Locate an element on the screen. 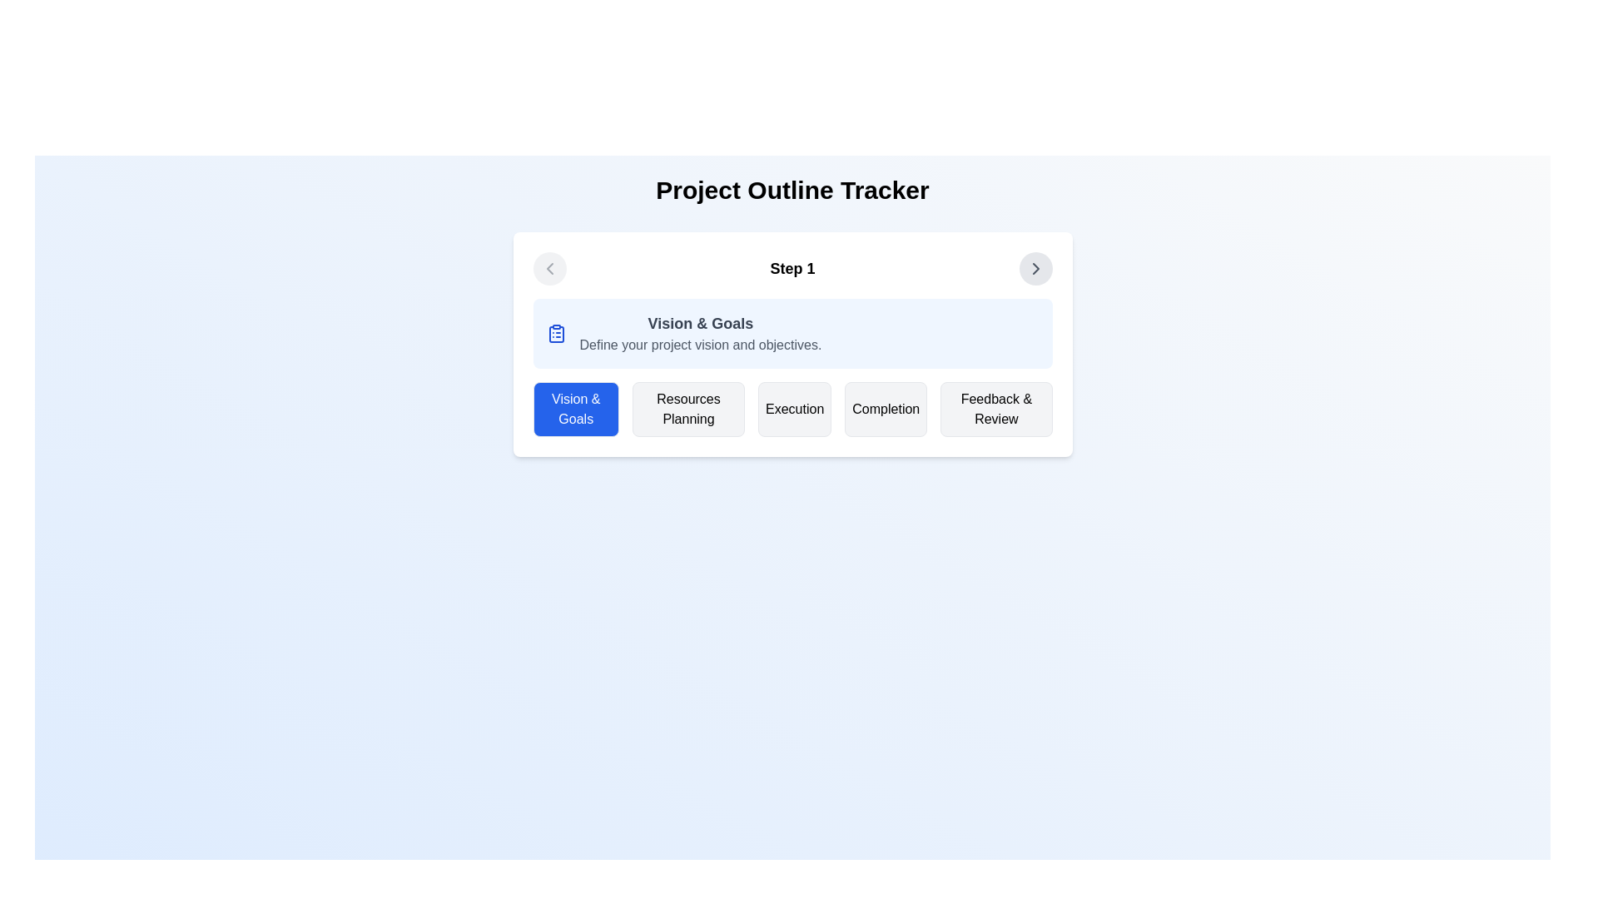  the text block displaying 'Vision & Goals' which includes a description 'Define your project vision and objectives' is located at coordinates (700, 334).